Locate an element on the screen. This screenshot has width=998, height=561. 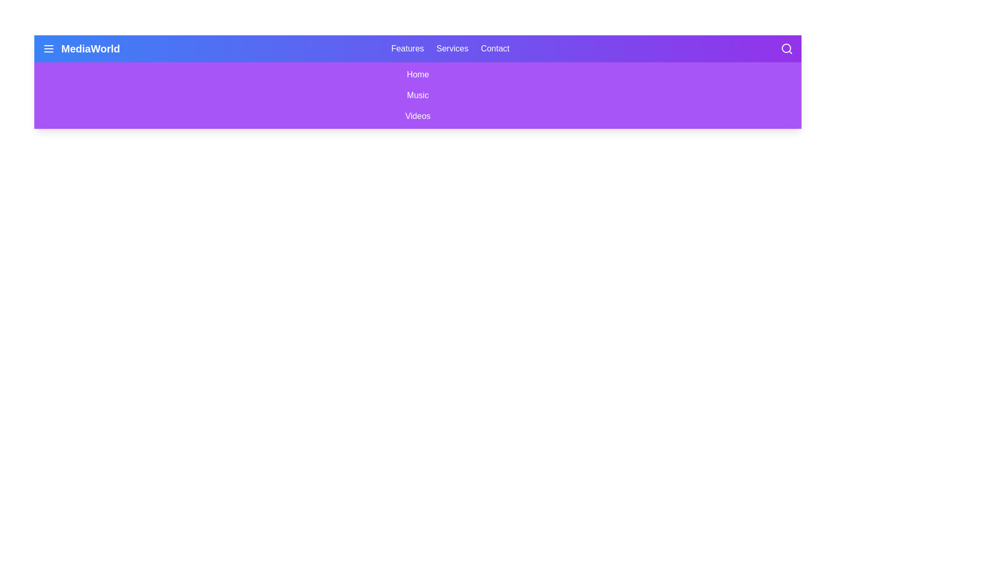
the 'Contact' hyperlink in the navigation menu is located at coordinates (494, 48).